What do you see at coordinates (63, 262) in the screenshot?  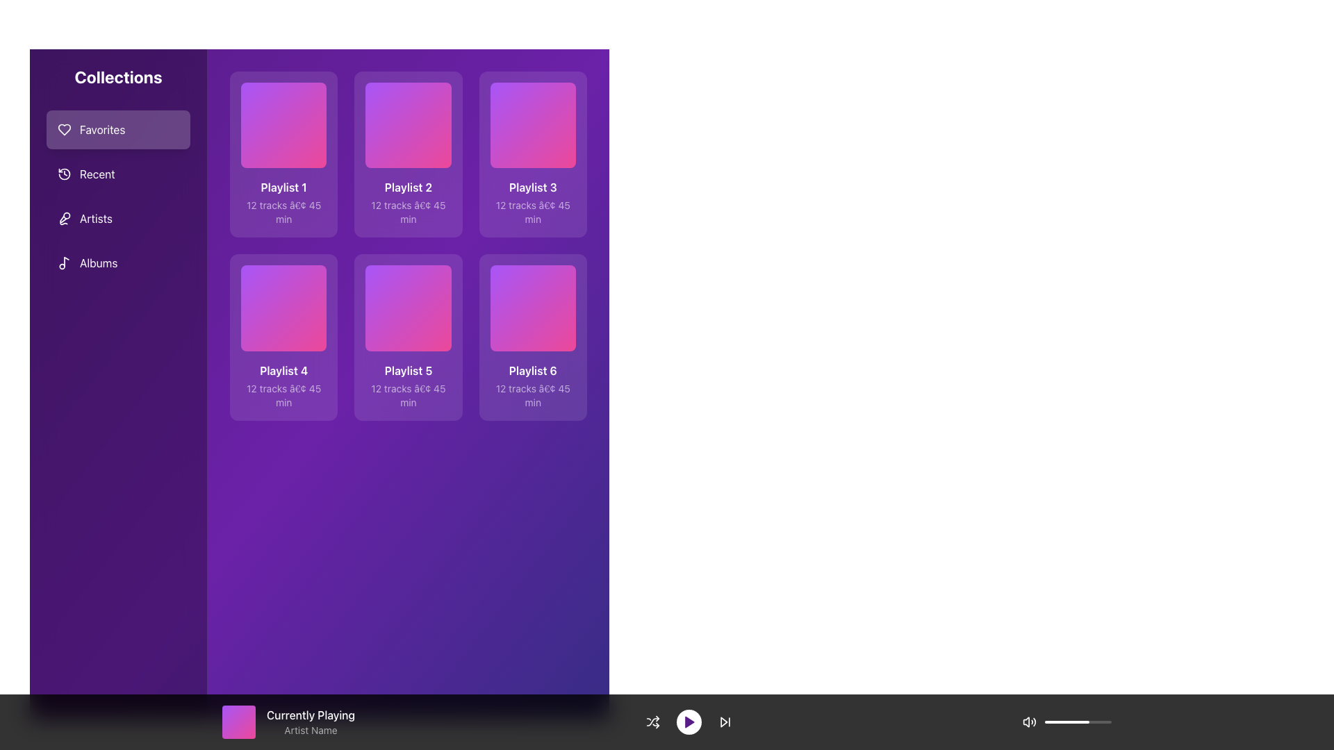 I see `the small music note icon located to the left of the 'Albums' text label in the sidebar menu, which features a minimalistic design with a white color on a purple background` at bounding box center [63, 262].